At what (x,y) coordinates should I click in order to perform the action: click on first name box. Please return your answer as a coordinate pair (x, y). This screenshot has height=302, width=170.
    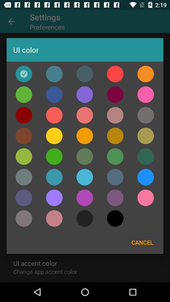
    Looking at the image, I should click on (115, 115).